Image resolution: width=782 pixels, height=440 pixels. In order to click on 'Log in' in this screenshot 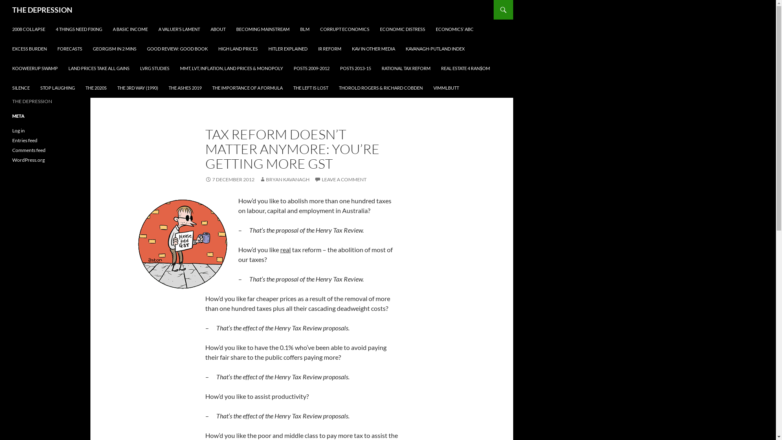, I will do `click(12, 130)`.